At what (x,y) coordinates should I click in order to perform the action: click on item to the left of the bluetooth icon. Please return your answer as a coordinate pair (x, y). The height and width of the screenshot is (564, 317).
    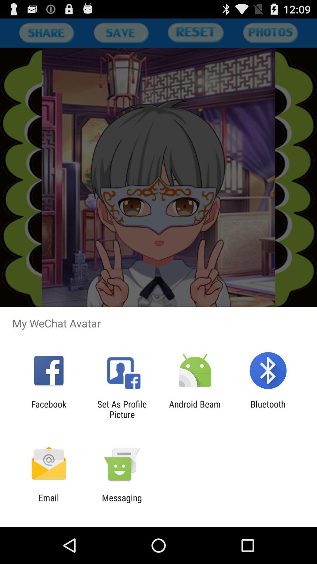
    Looking at the image, I should click on (195, 409).